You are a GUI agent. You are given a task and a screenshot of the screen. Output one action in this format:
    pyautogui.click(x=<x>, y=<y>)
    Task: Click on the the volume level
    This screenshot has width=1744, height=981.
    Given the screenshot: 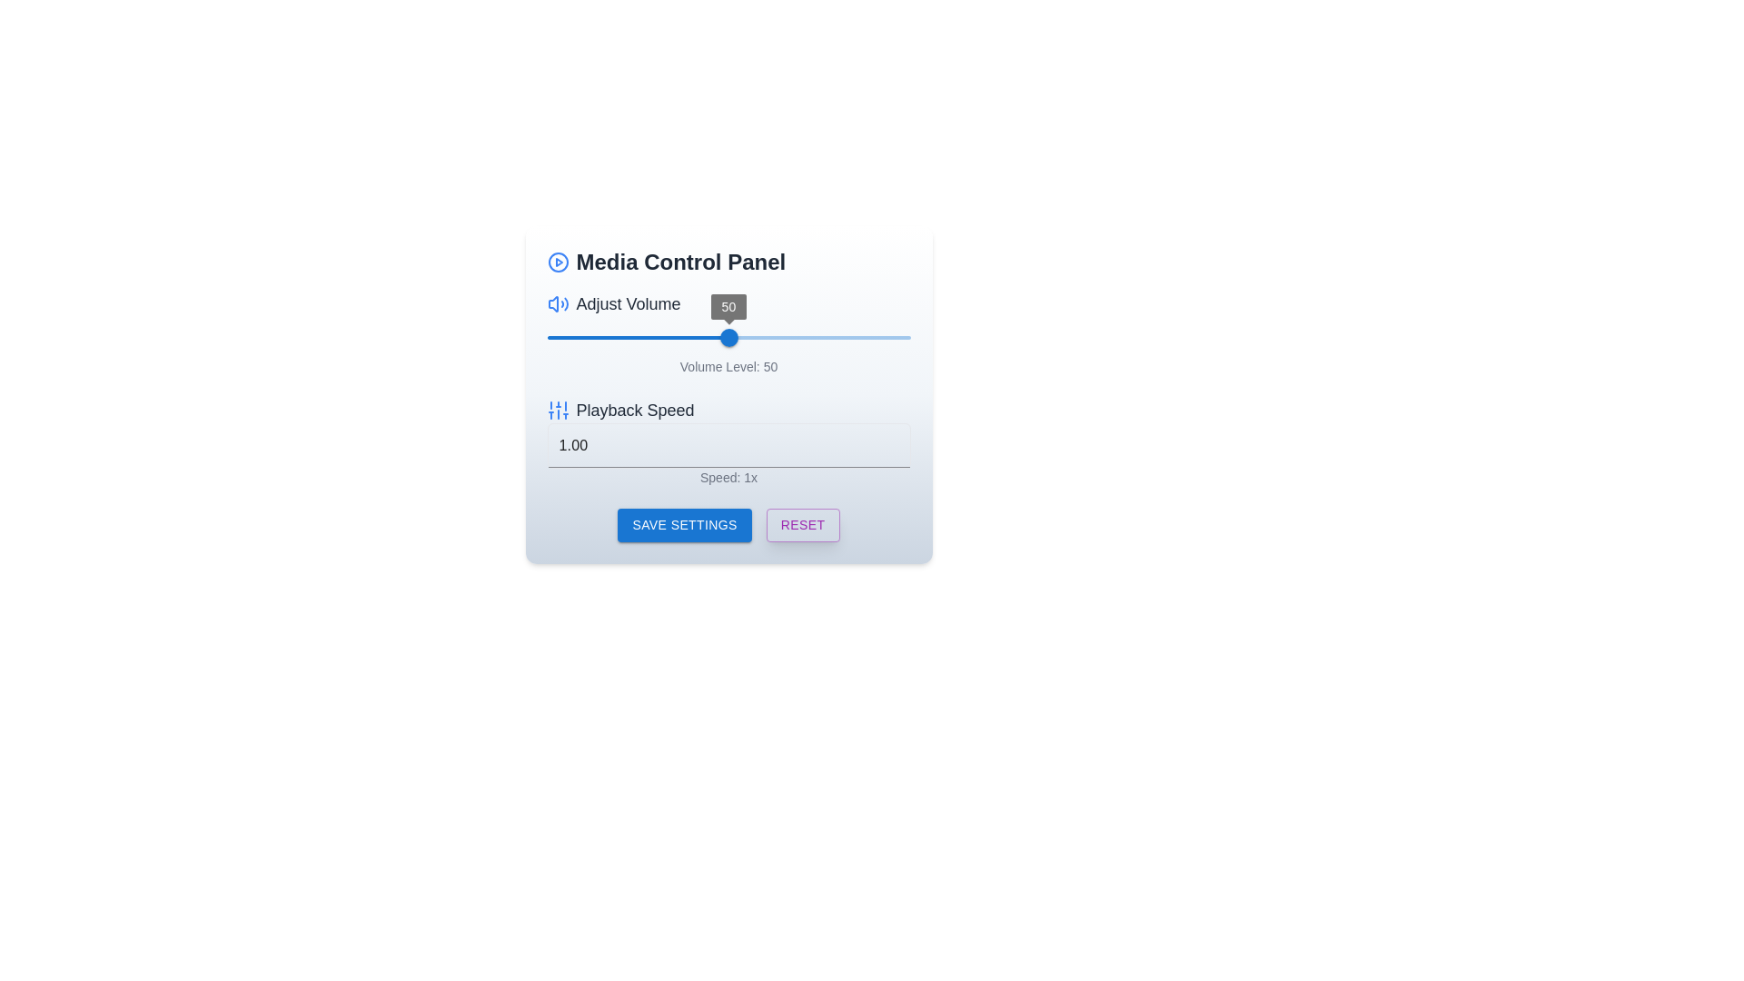 What is the action you would take?
    pyautogui.click(x=612, y=337)
    